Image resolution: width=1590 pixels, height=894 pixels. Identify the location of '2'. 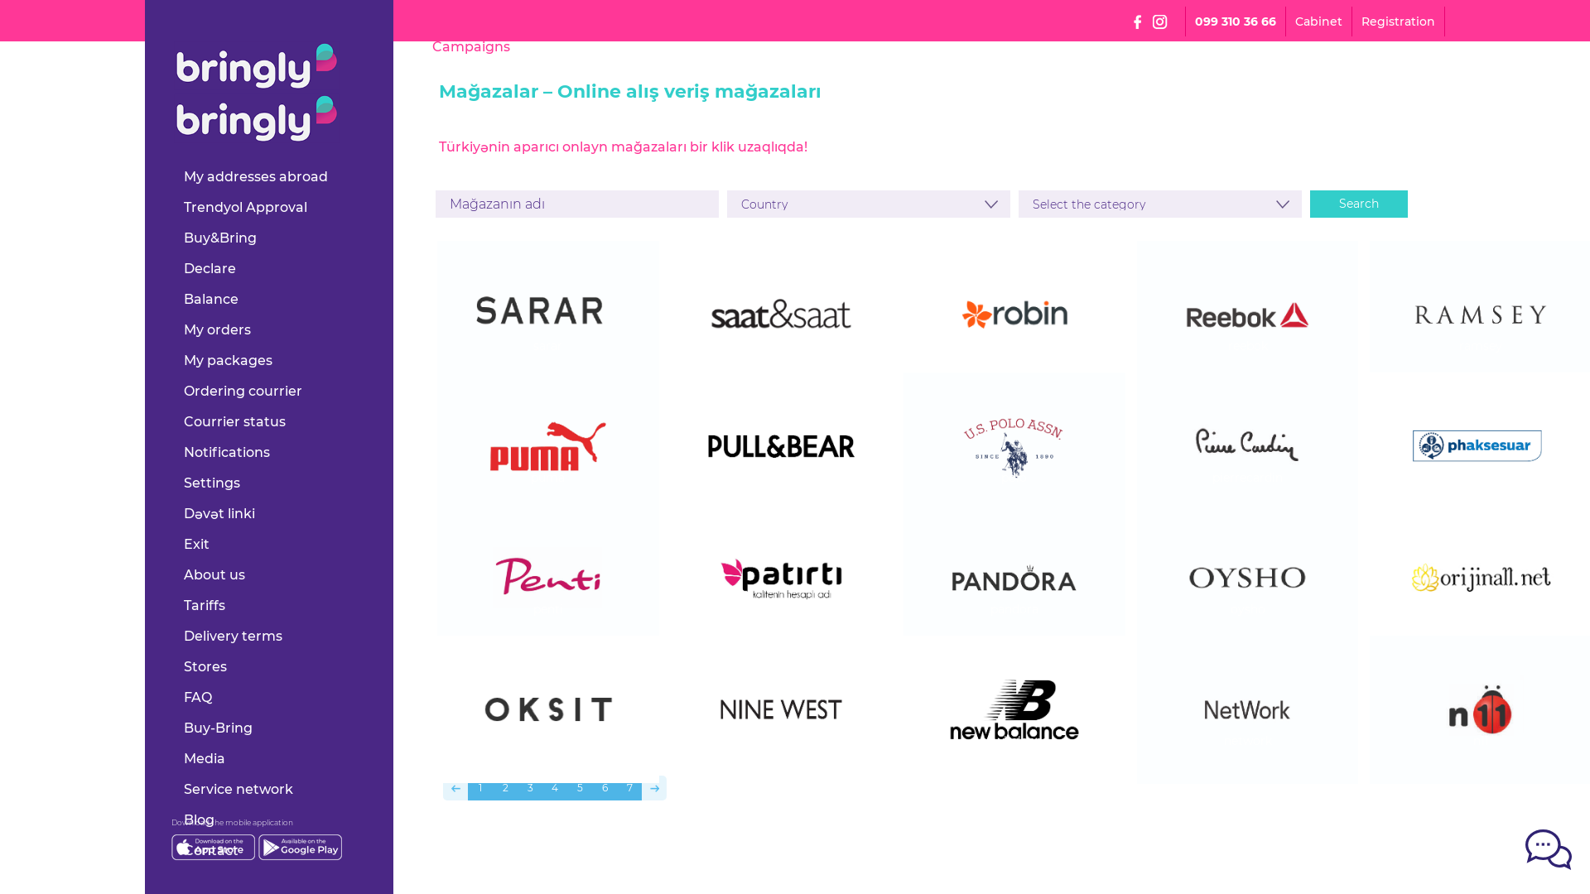
(503, 787).